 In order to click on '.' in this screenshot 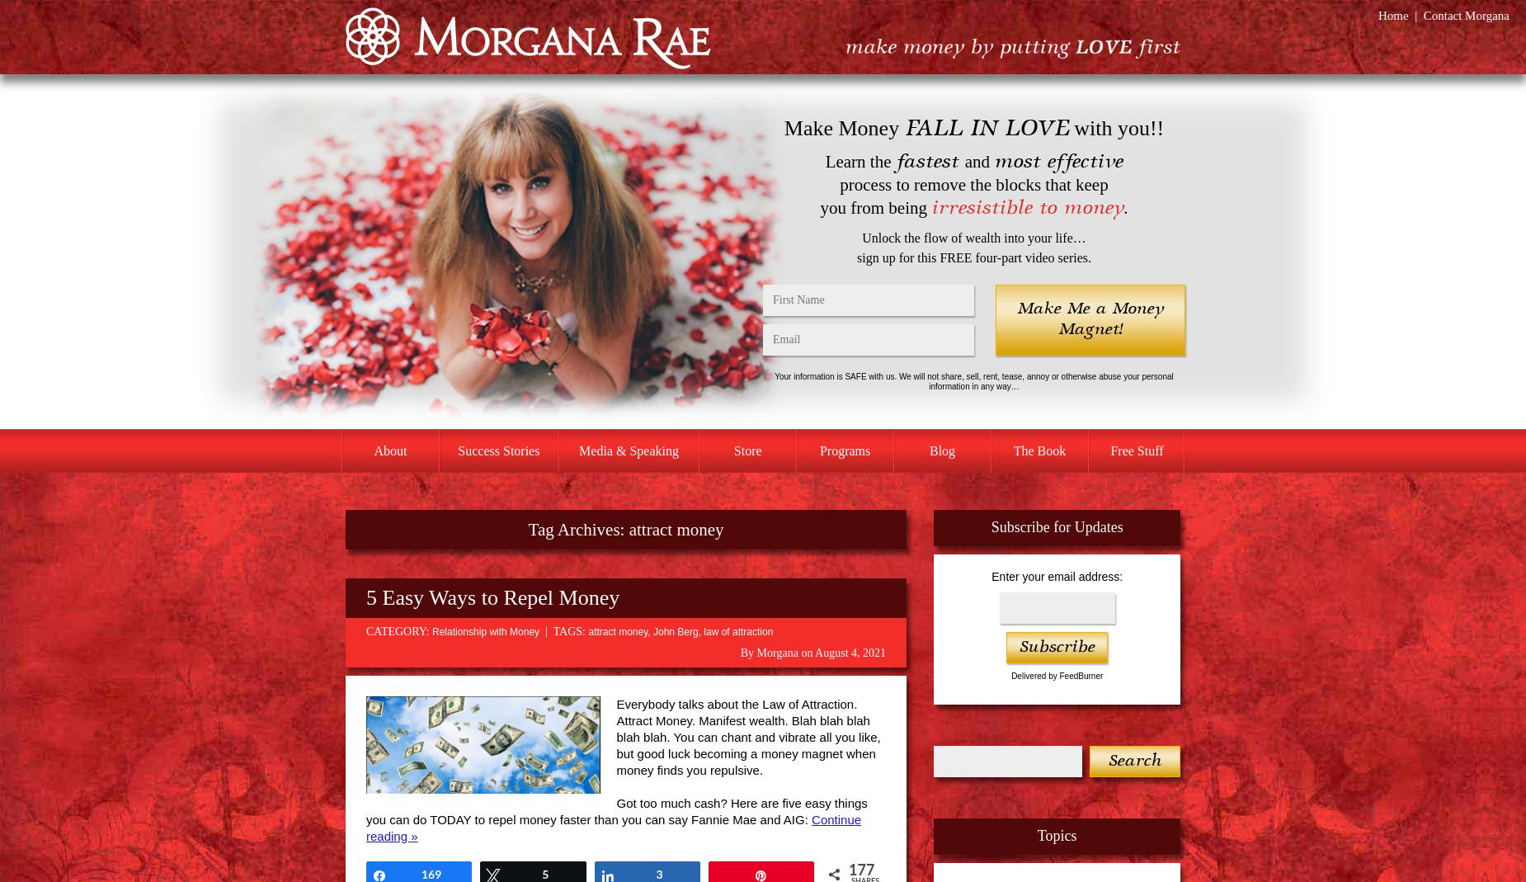, I will do `click(1124, 206)`.